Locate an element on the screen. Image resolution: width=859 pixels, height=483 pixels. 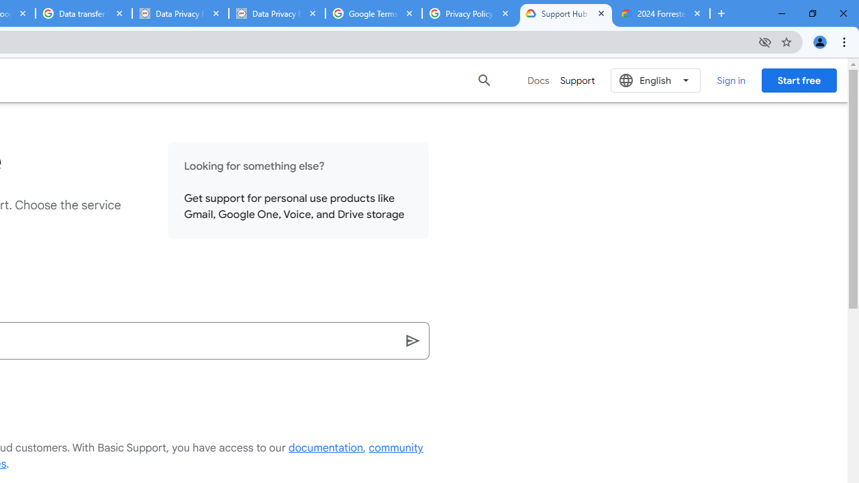
'Third-party cookies blocked' is located at coordinates (764, 41).